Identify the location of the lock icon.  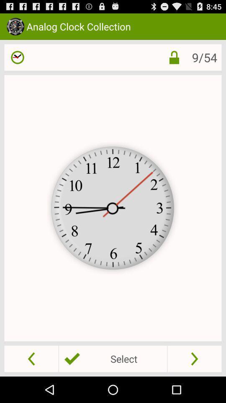
(167, 61).